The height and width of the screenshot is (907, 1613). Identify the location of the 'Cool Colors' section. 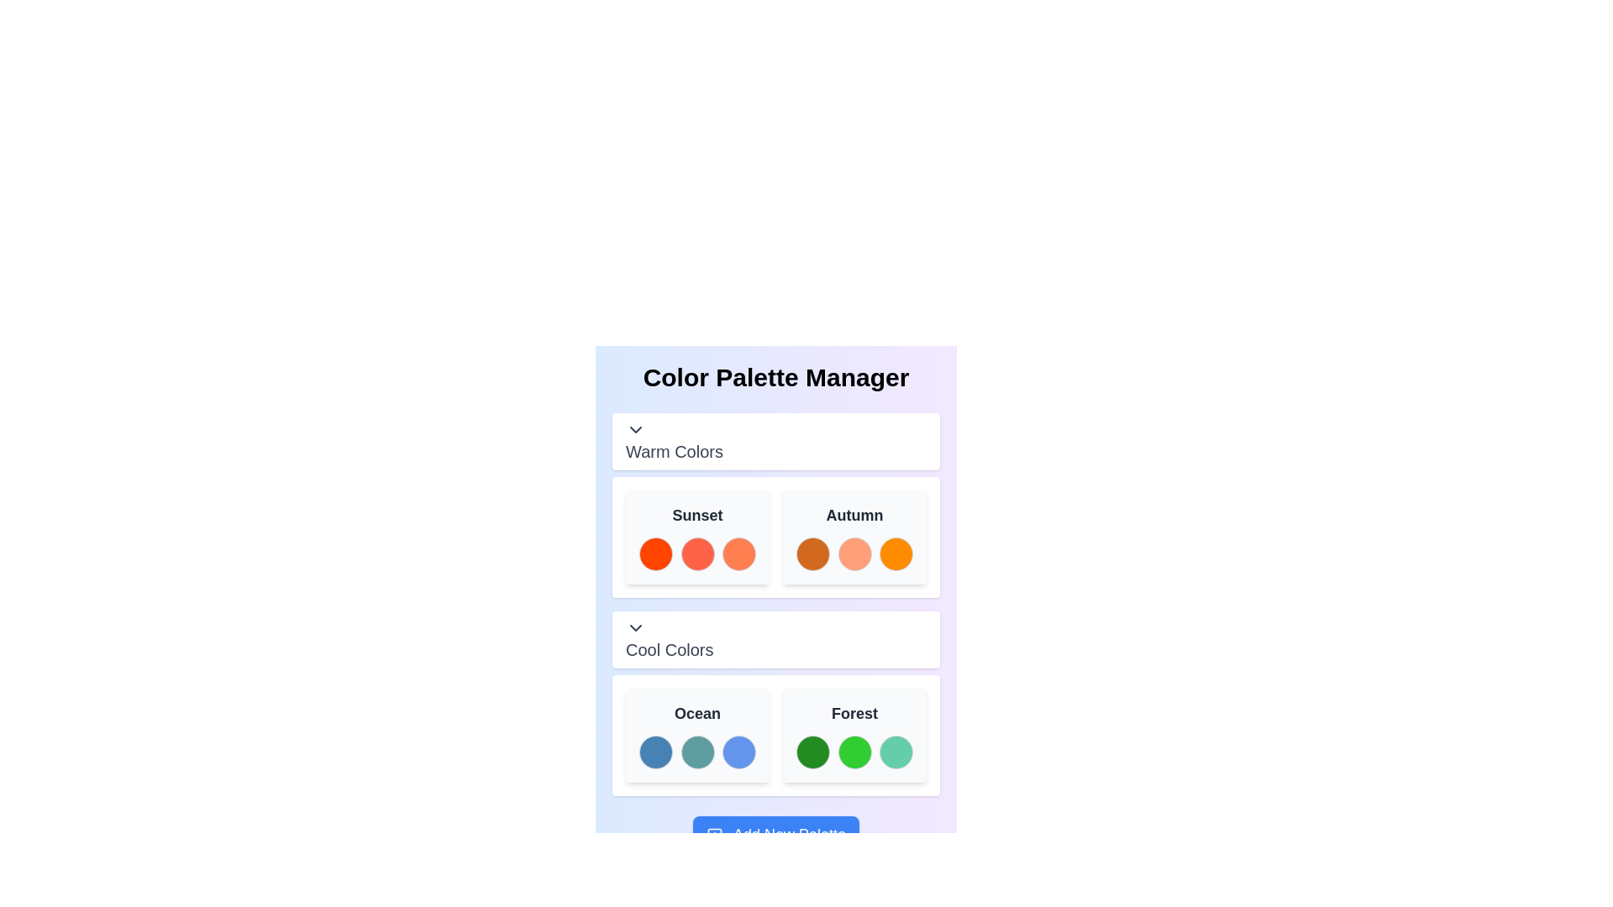
(775, 703).